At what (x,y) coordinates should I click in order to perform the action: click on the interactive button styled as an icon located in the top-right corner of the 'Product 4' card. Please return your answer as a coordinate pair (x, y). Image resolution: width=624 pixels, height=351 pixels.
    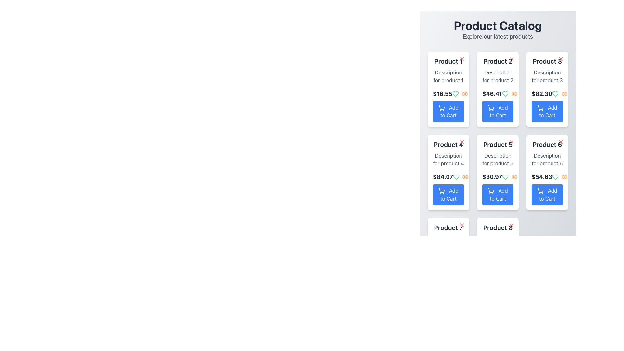
    Looking at the image, I should click on (461, 141).